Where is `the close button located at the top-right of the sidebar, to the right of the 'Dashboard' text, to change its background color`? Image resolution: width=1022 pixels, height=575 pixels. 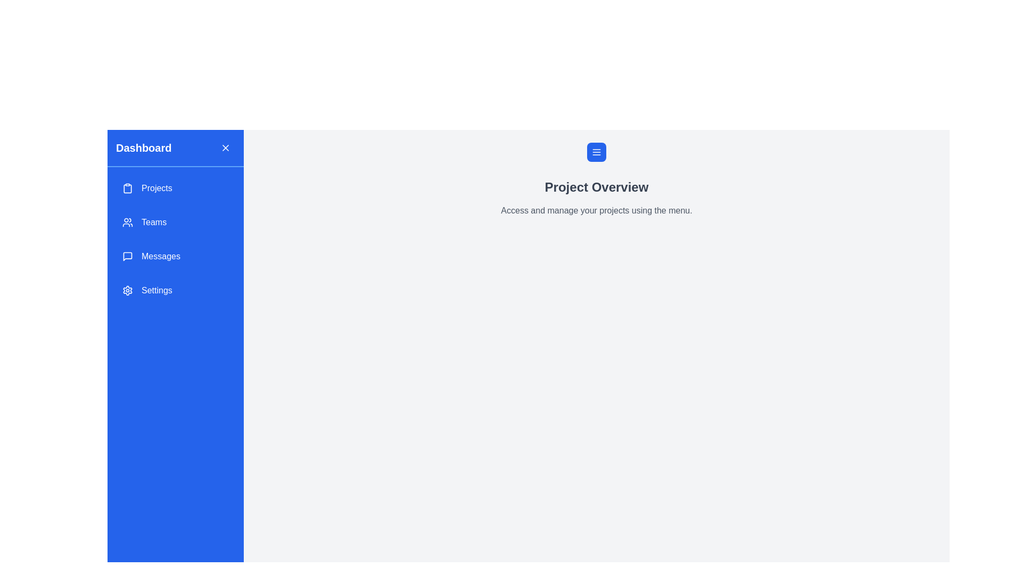
the close button located at the top-right of the sidebar, to the right of the 'Dashboard' text, to change its background color is located at coordinates (225, 147).